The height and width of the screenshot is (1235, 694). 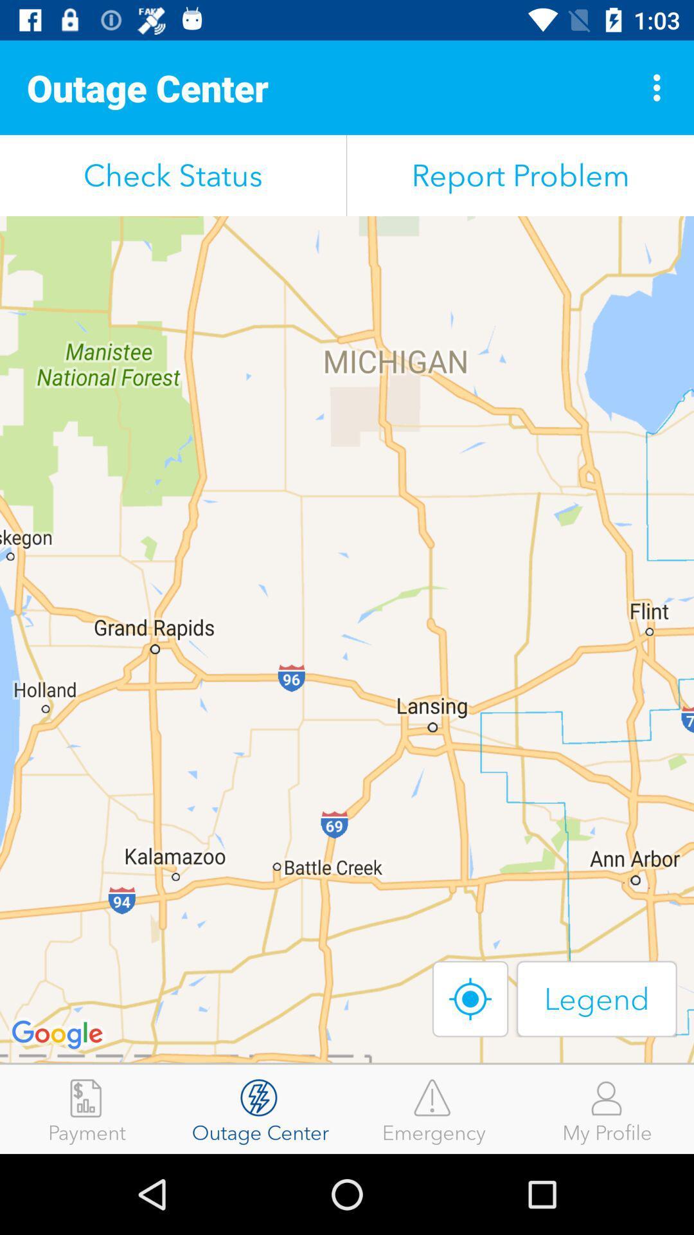 What do you see at coordinates (434, 1108) in the screenshot?
I see `the emergency` at bounding box center [434, 1108].